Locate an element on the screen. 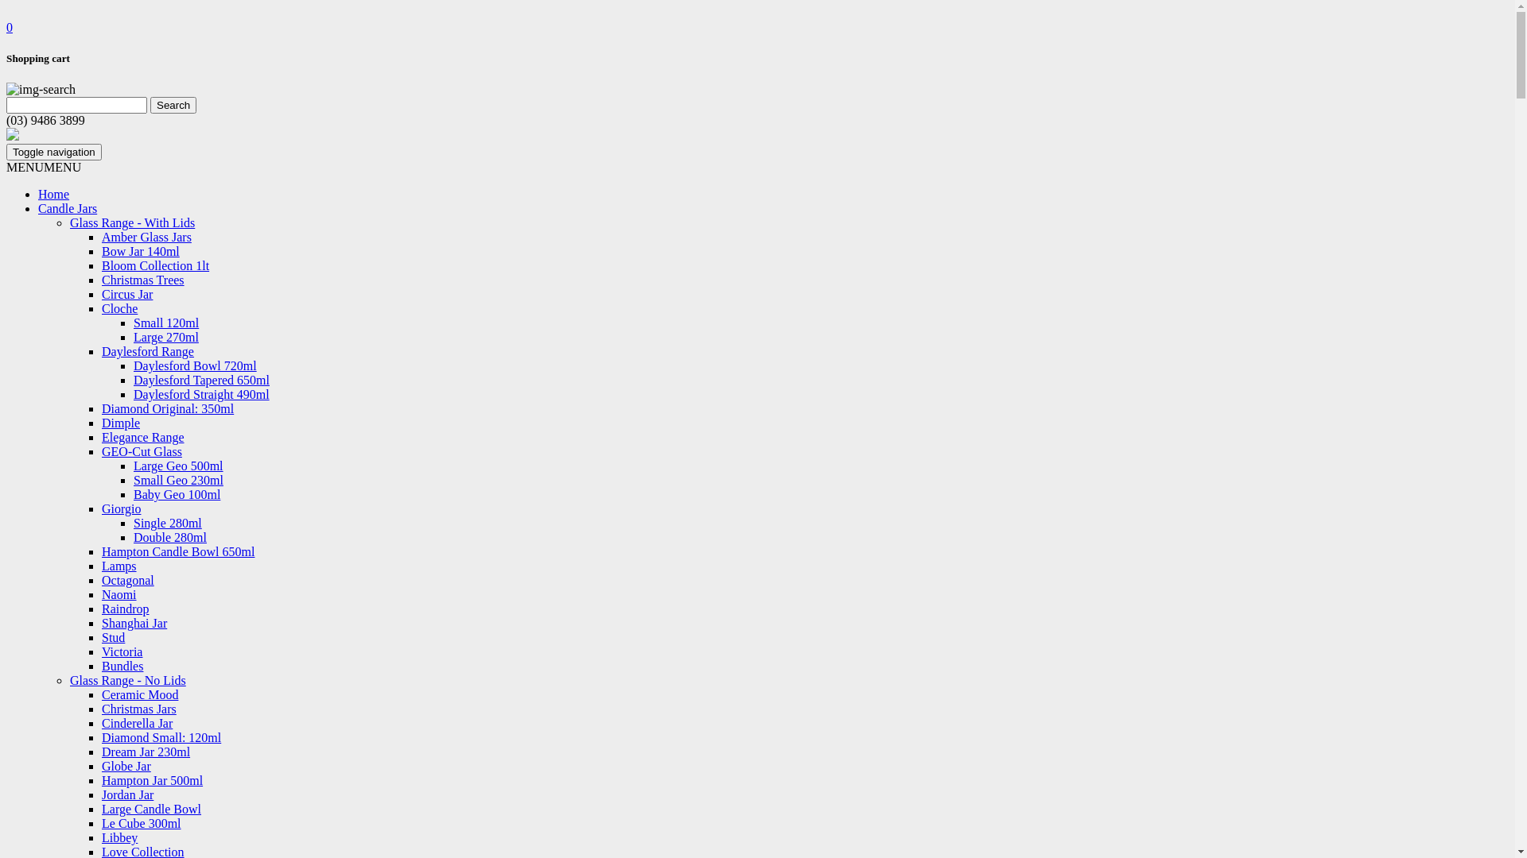  'Search' is located at coordinates (173, 105).